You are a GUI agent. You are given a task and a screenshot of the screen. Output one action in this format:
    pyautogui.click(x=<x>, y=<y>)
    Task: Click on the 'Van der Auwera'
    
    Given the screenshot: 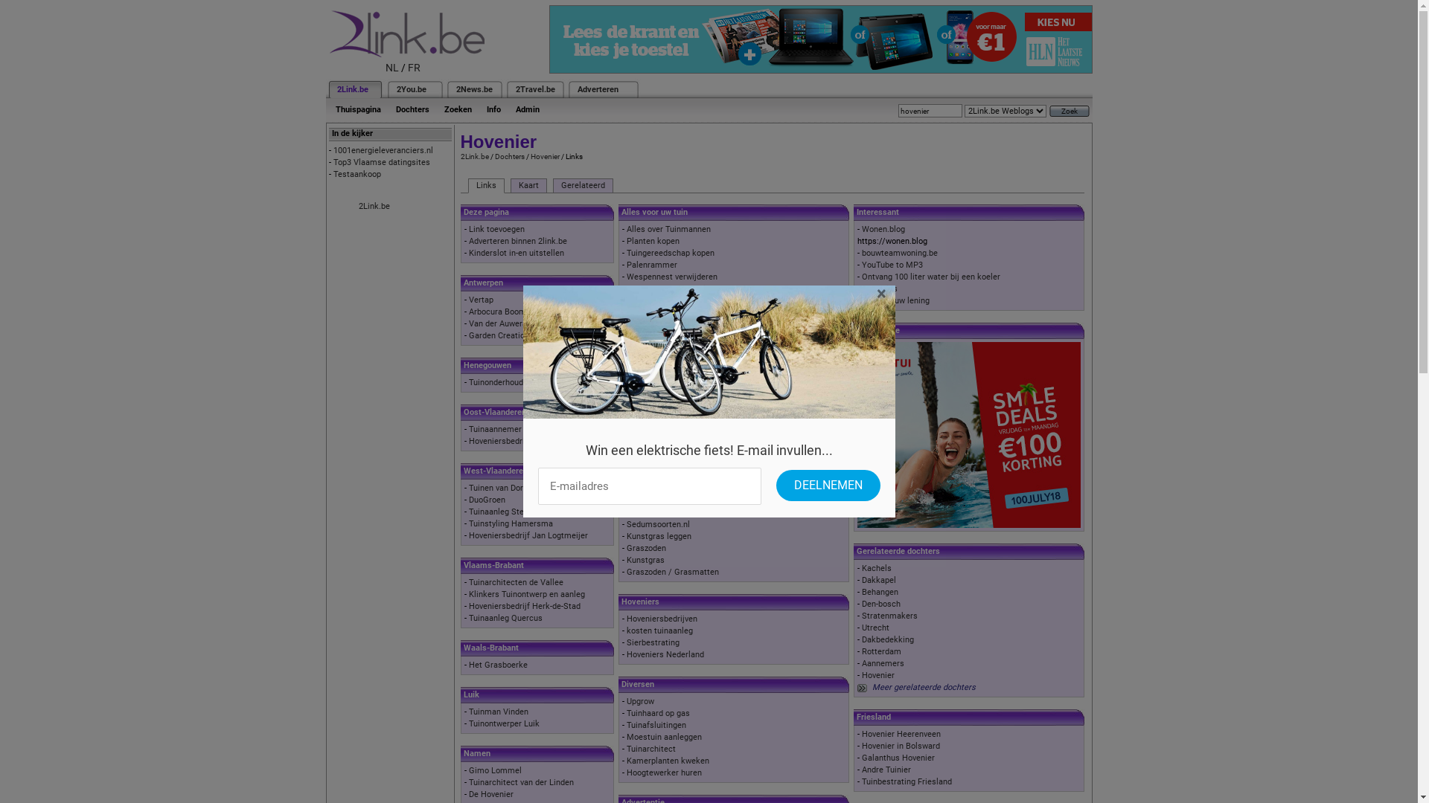 What is the action you would take?
    pyautogui.click(x=497, y=323)
    